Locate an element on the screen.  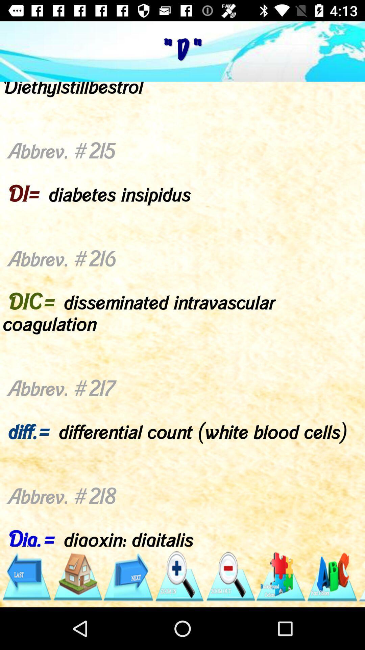
next is located at coordinates (128, 576).